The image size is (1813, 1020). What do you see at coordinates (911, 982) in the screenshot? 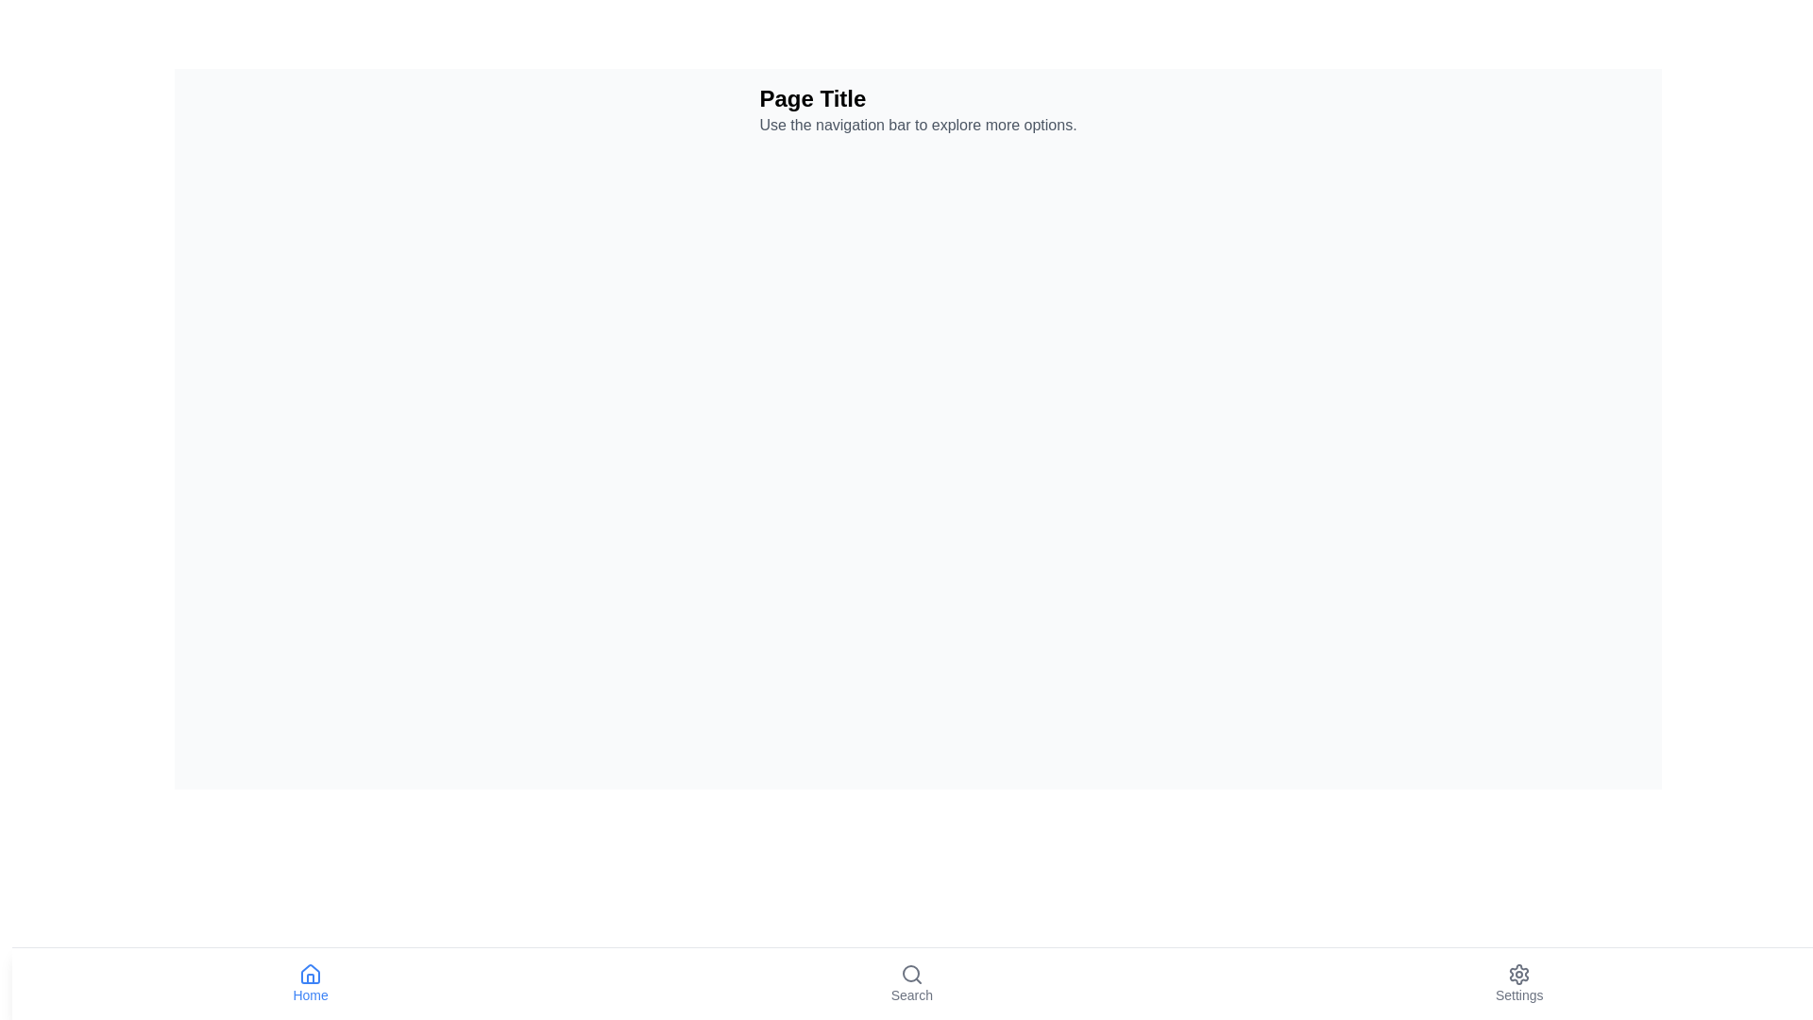
I see `the search button located in the center of the bottom navigation bar` at bounding box center [911, 982].